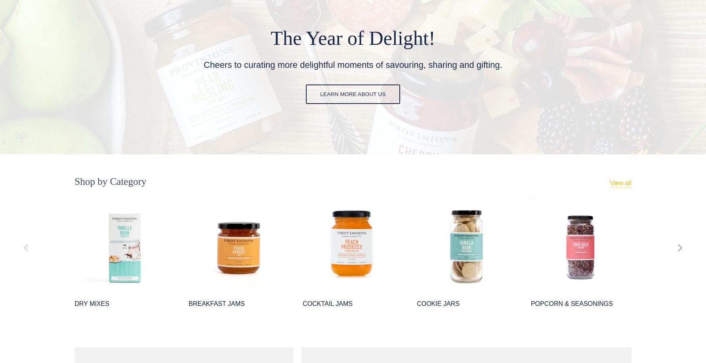 The image size is (706, 363). What do you see at coordinates (572, 303) in the screenshot?
I see `'POPCORN & SEASONINGS'` at bounding box center [572, 303].